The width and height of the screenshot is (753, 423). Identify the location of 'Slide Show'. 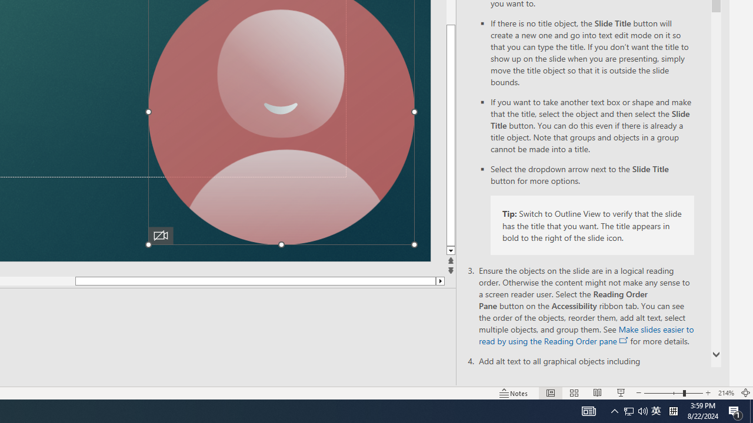
(621, 393).